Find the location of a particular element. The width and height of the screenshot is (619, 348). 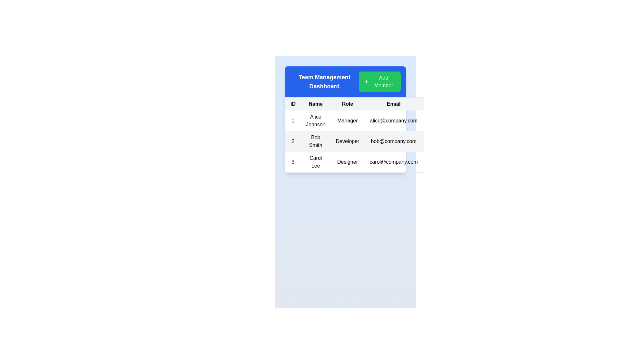

the static text element displaying 'Alice Johnson' in the 'Name' column of the data table is located at coordinates (316, 121).